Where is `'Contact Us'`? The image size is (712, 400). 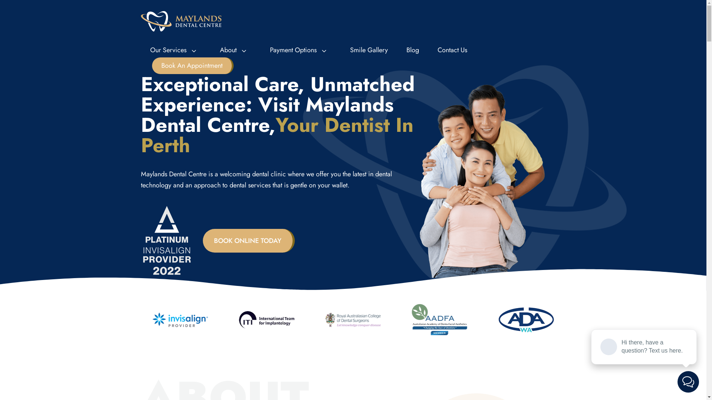 'Contact Us' is located at coordinates (452, 50).